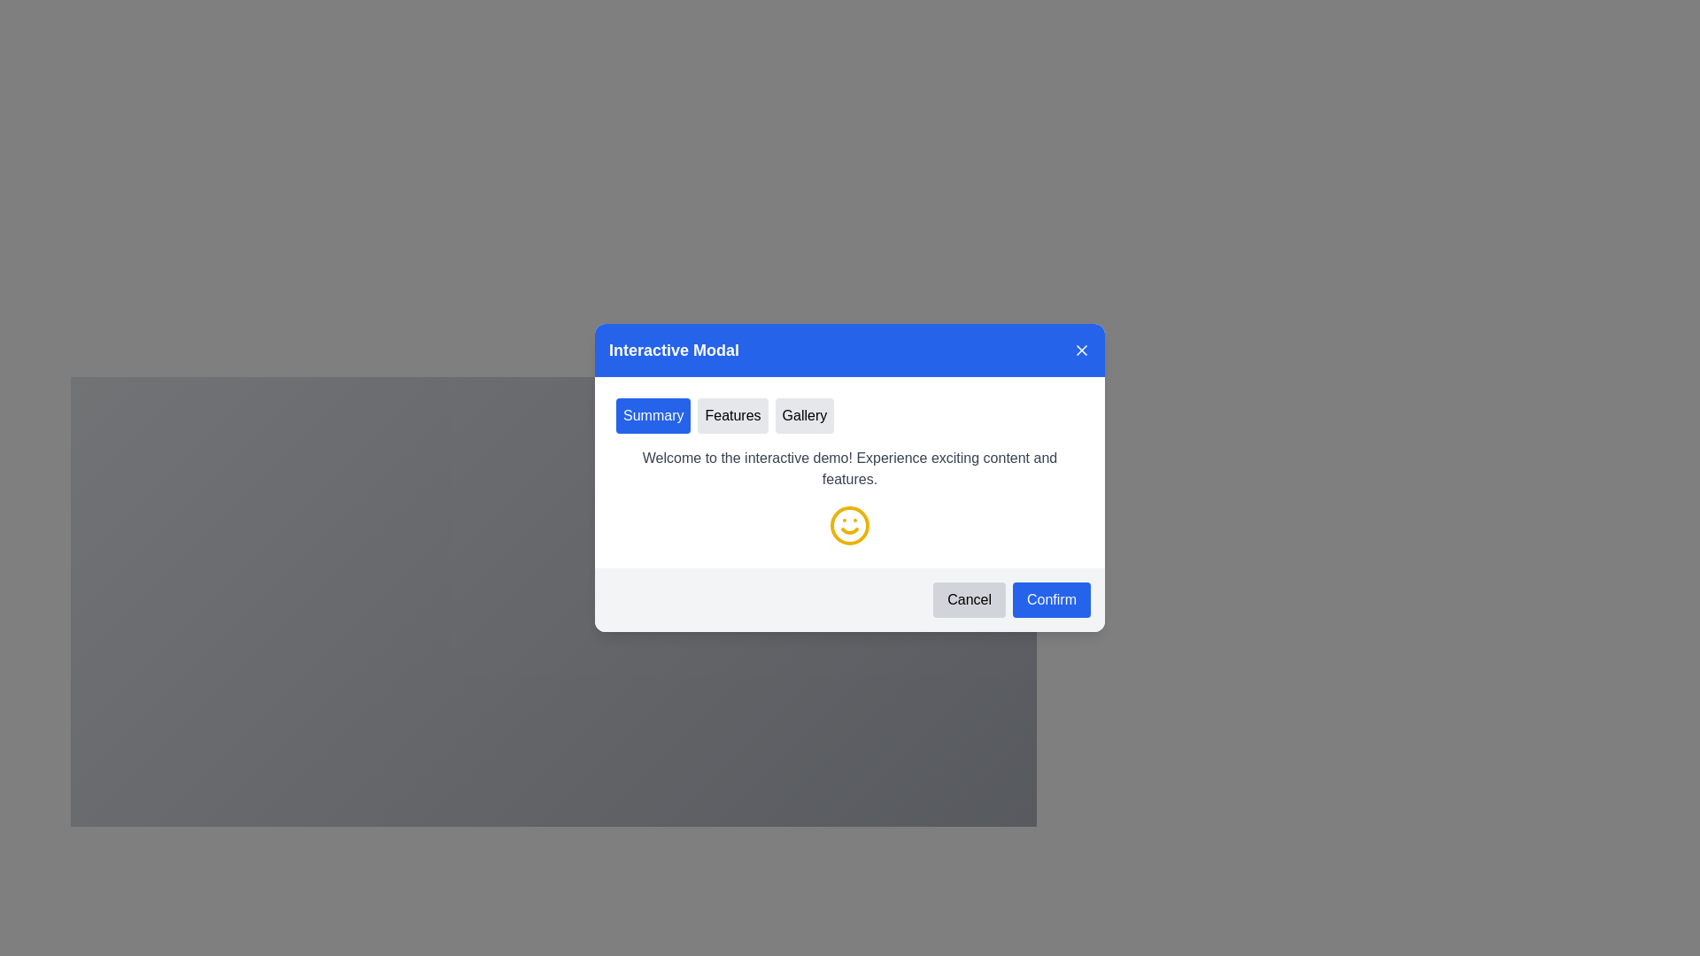 Image resolution: width=1700 pixels, height=956 pixels. Describe the element at coordinates (733, 416) in the screenshot. I see `the 'Features' button located between the 'Summary' button and the 'Gallery' button in the modal dialog` at that location.